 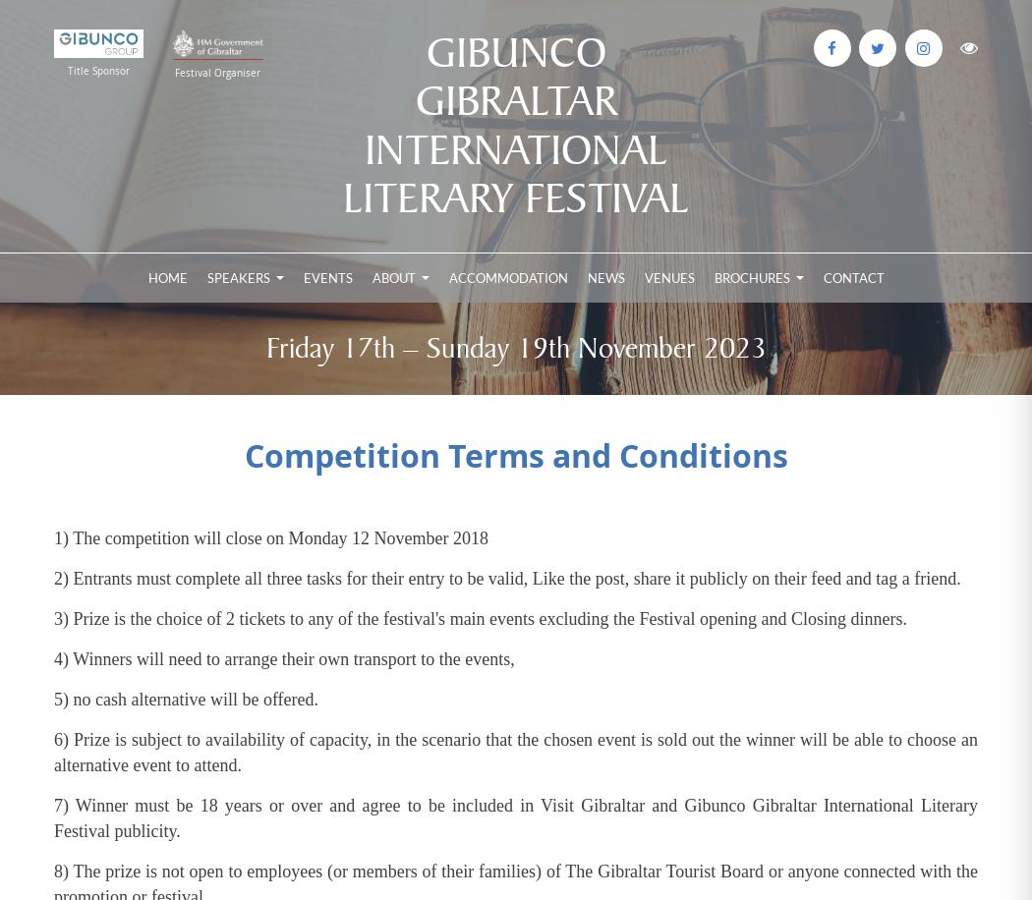 What do you see at coordinates (668, 278) in the screenshot?
I see `'Venues'` at bounding box center [668, 278].